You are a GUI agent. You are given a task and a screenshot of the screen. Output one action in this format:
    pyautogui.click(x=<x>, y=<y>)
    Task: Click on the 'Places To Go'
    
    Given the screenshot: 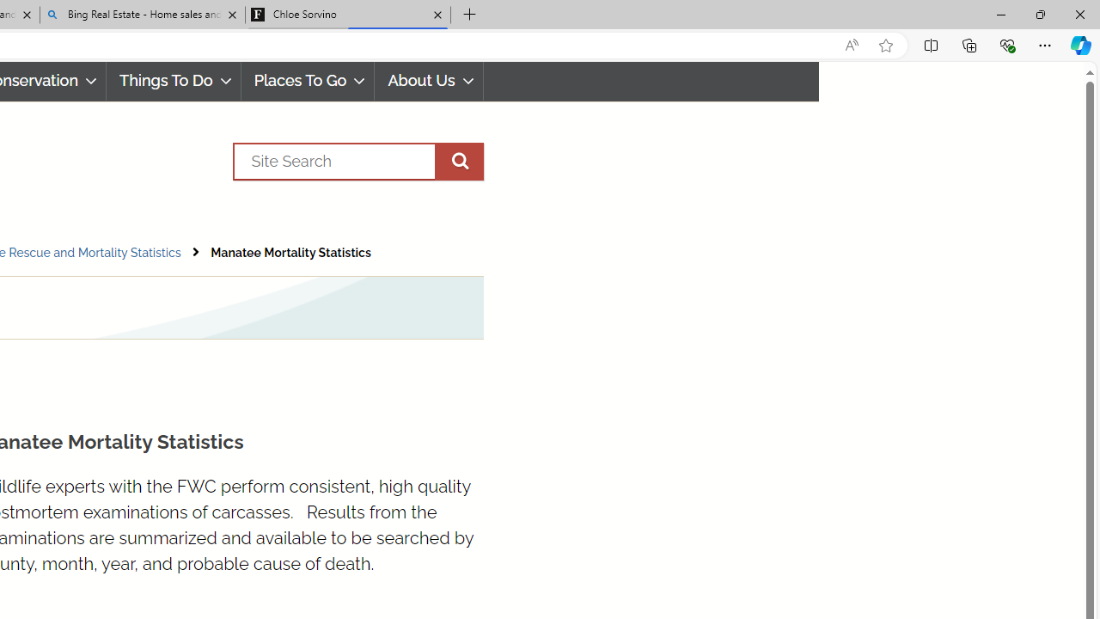 What is the action you would take?
    pyautogui.click(x=308, y=81)
    